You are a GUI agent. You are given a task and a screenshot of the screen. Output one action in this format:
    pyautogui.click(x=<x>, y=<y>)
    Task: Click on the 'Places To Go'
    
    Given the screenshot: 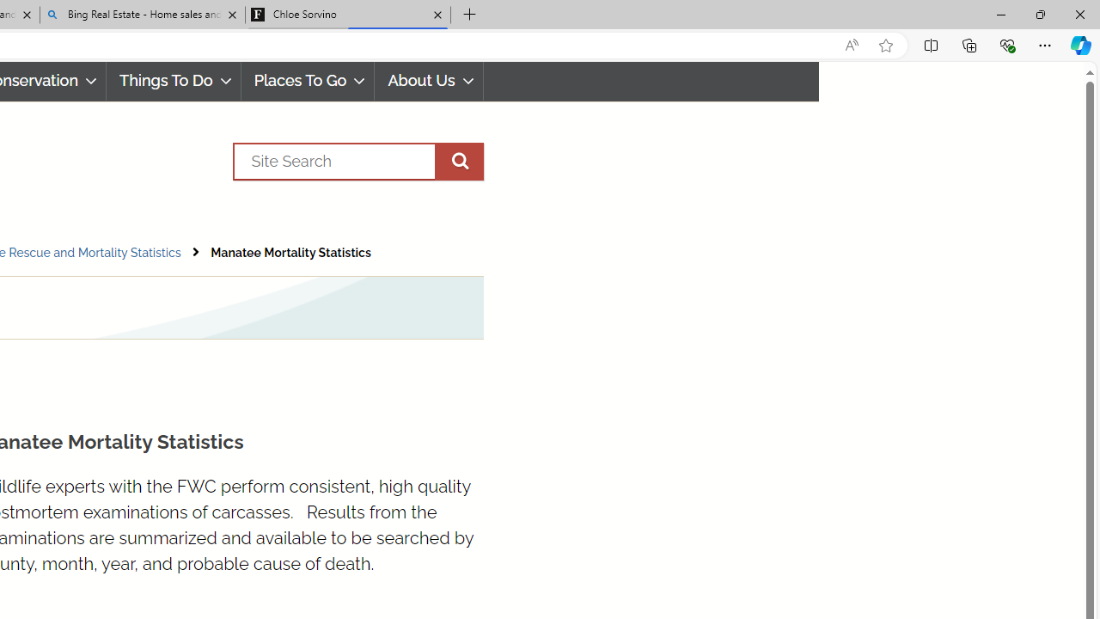 What is the action you would take?
    pyautogui.click(x=308, y=81)
    